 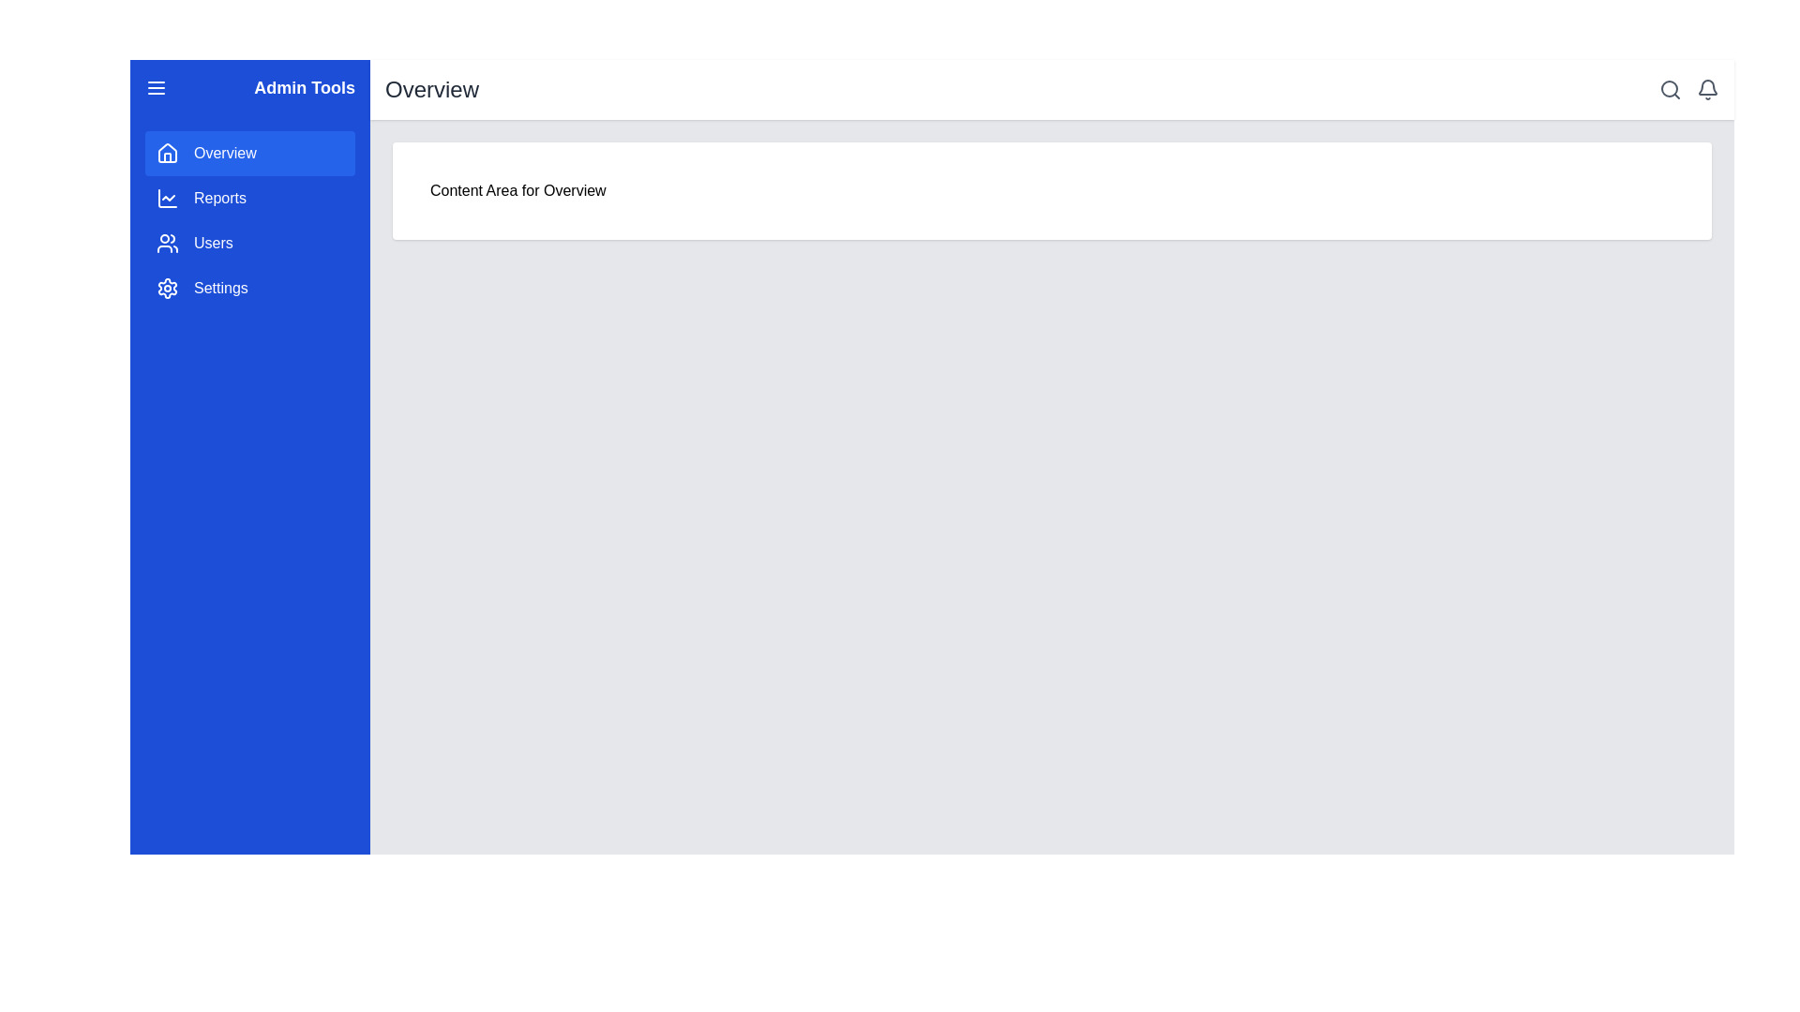 I want to click on the text label reading 'Users' in the sidebar menu, so click(x=213, y=242).